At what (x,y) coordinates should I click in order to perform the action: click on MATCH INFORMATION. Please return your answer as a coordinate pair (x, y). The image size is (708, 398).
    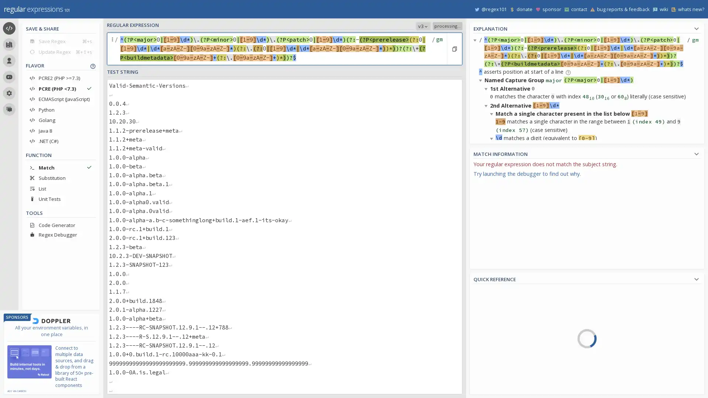
    Looking at the image, I should click on (587, 153).